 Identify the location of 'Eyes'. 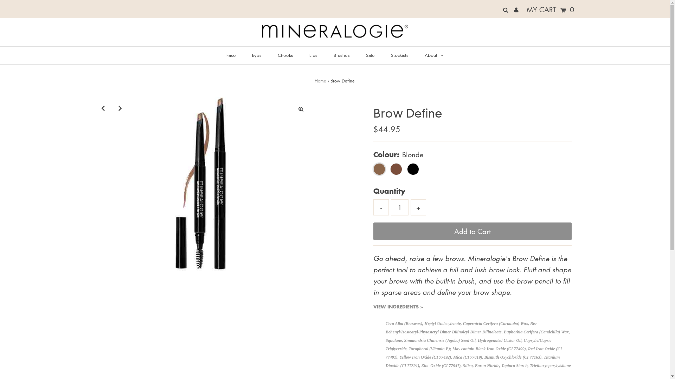
(256, 55).